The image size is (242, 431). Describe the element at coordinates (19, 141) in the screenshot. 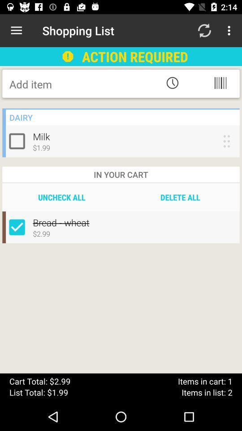

I see `include milk` at that location.